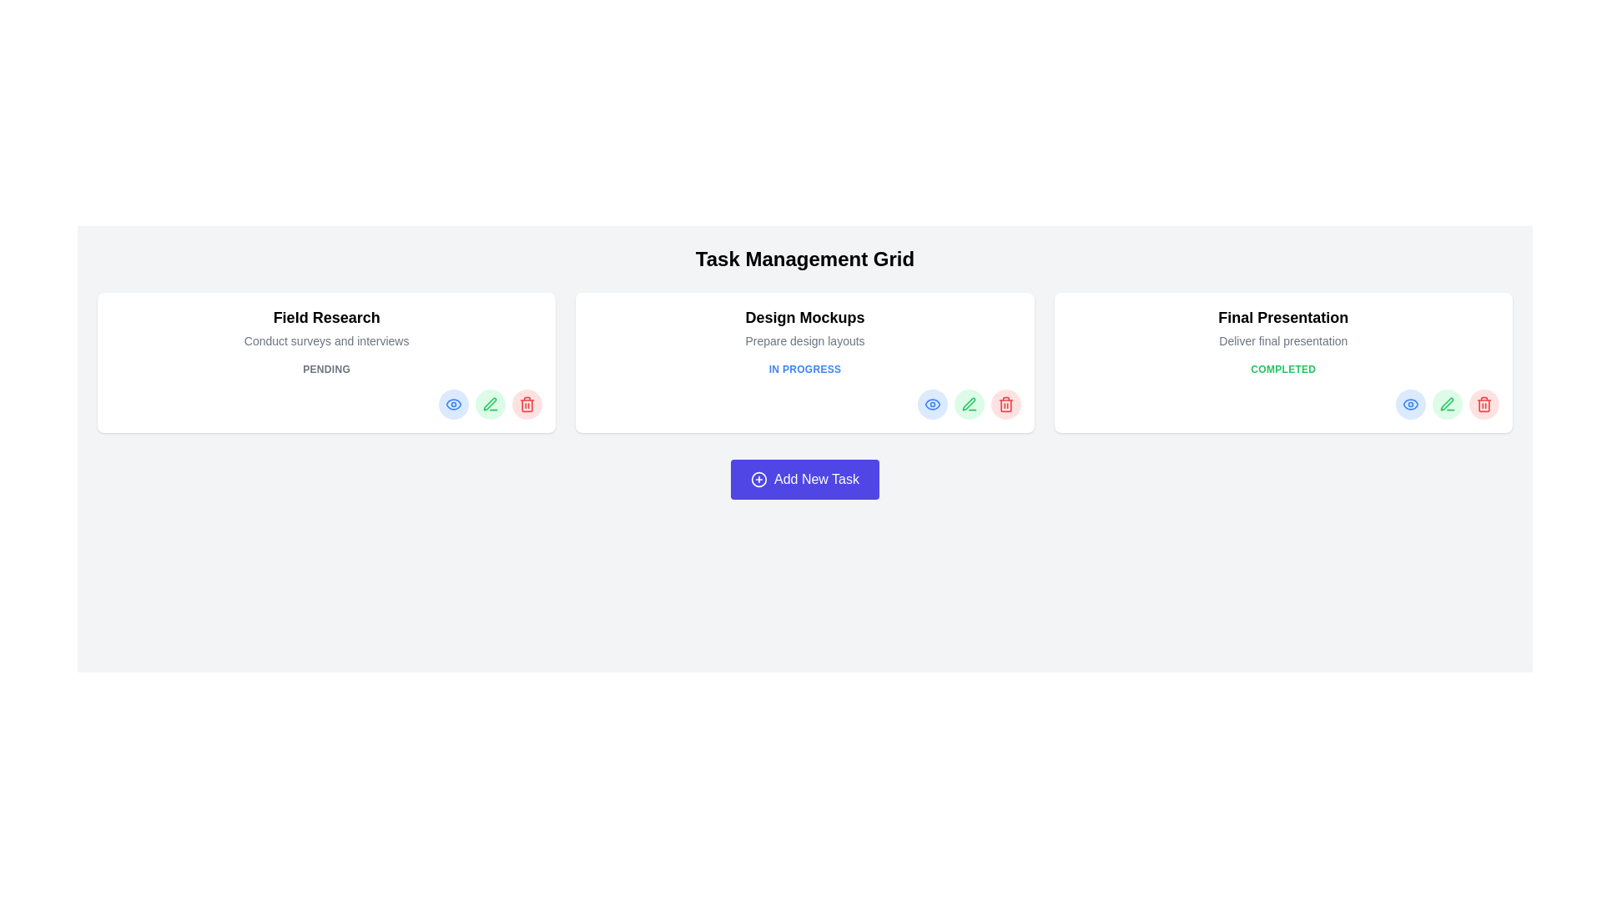 The height and width of the screenshot is (901, 1602). What do you see at coordinates (931, 405) in the screenshot?
I see `the entire eye icon group, which consists of an oval-shaped outline and details representing the eye, located within the 'Design Mockups' card at the bottom left among the action buttons` at bounding box center [931, 405].